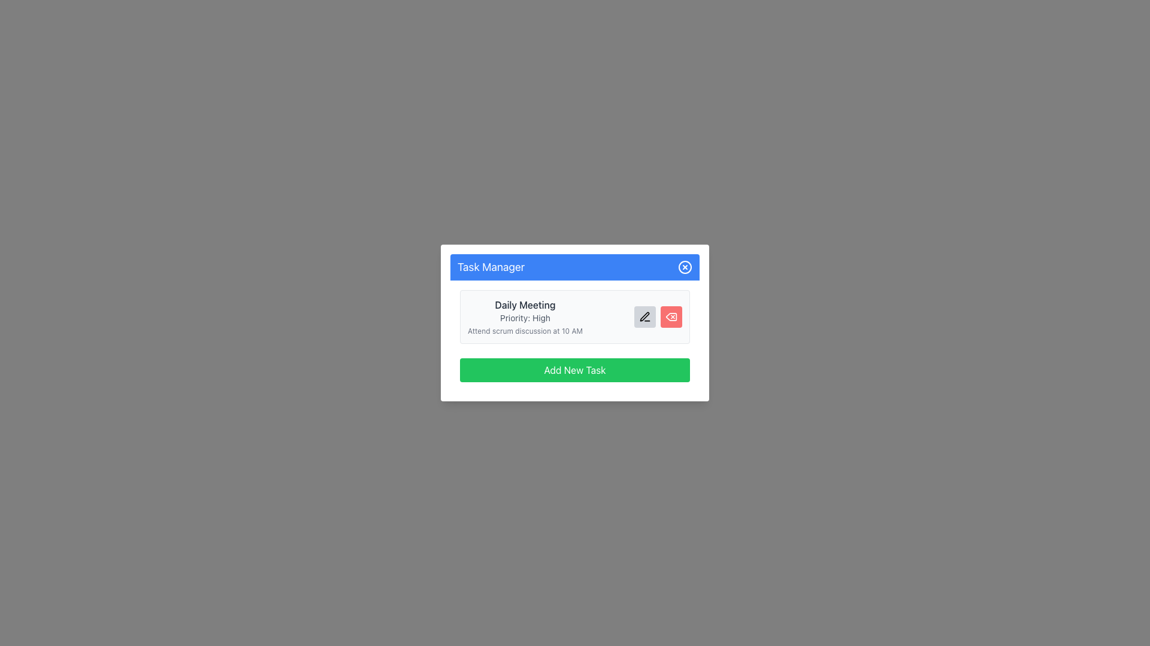  What do you see at coordinates (685, 267) in the screenshot?
I see `the SVG circle graphical element that is part of the close button in the blue header bar labeled 'Task Manager'` at bounding box center [685, 267].